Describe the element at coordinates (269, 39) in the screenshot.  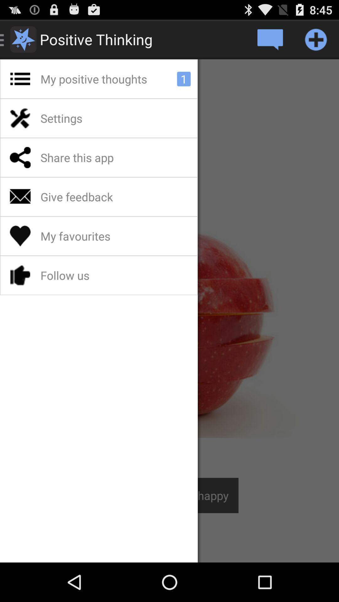
I see `goto the comments section` at that location.